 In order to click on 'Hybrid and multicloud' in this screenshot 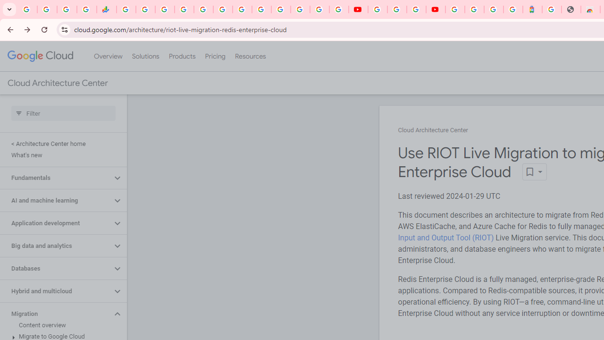, I will do `click(55, 291)`.